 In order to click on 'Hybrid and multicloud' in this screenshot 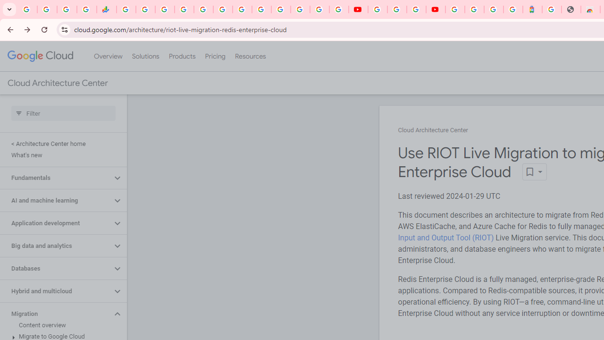, I will do `click(55, 291)`.